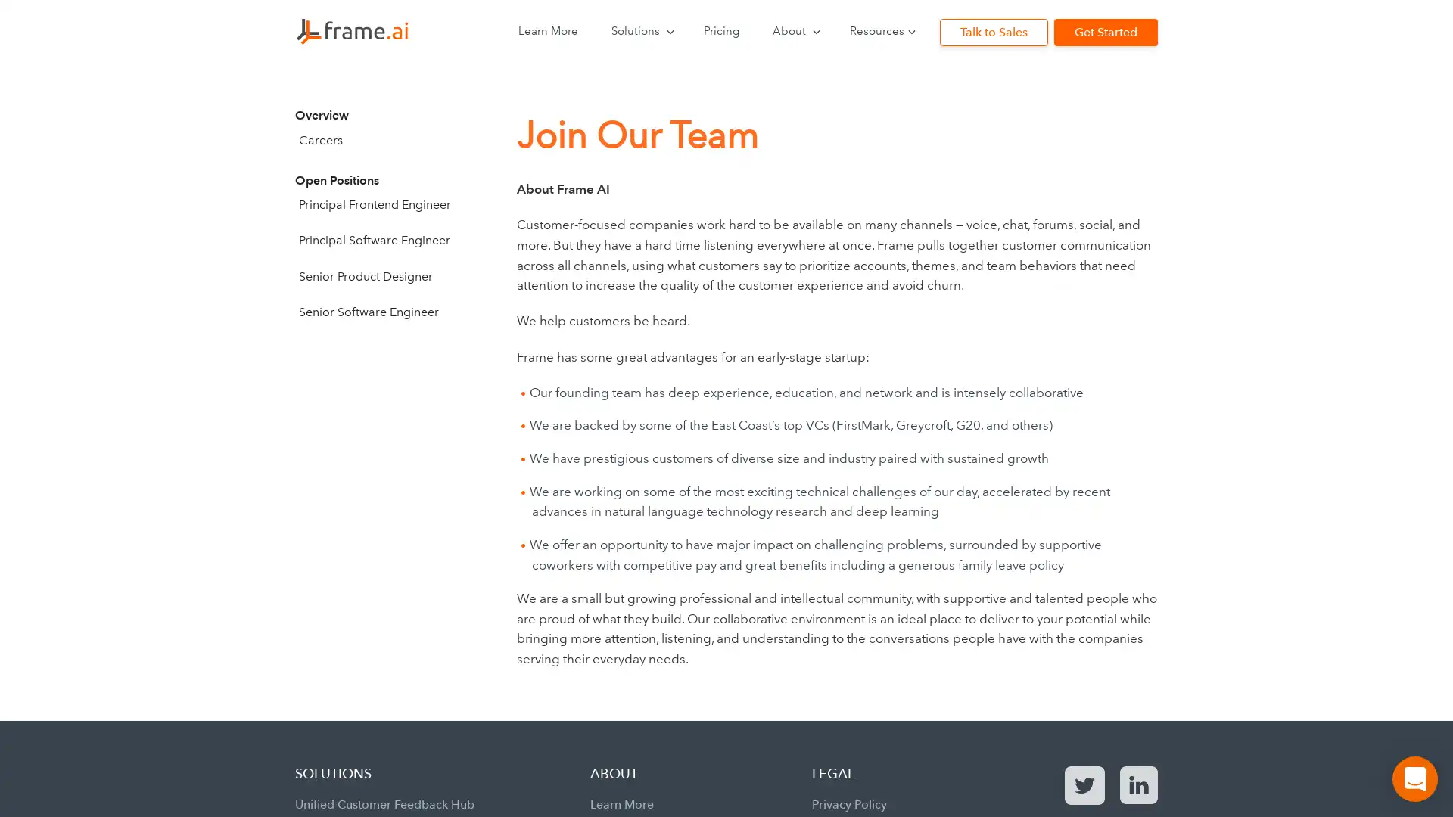 The height and width of the screenshot is (817, 1453). Describe the element at coordinates (1414, 778) in the screenshot. I see `Open Intercom Messenger` at that location.